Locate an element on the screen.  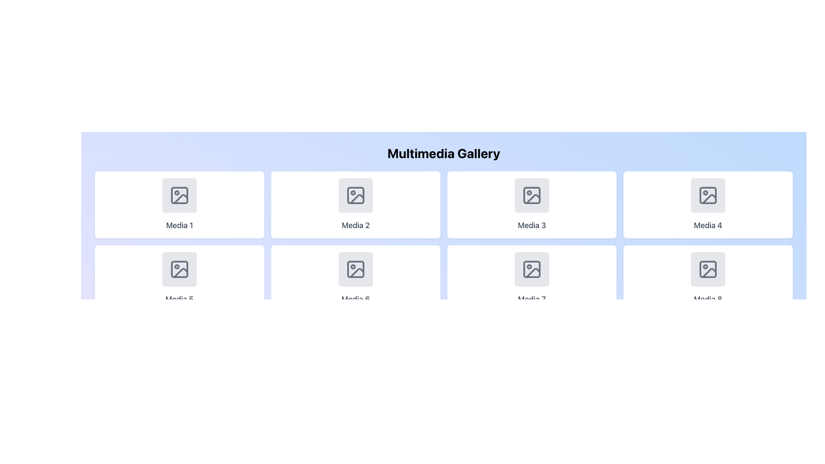
the innermost square within the image icon located in the seventh media block of the gallery, which is in the second row and first column is located at coordinates (532, 269).